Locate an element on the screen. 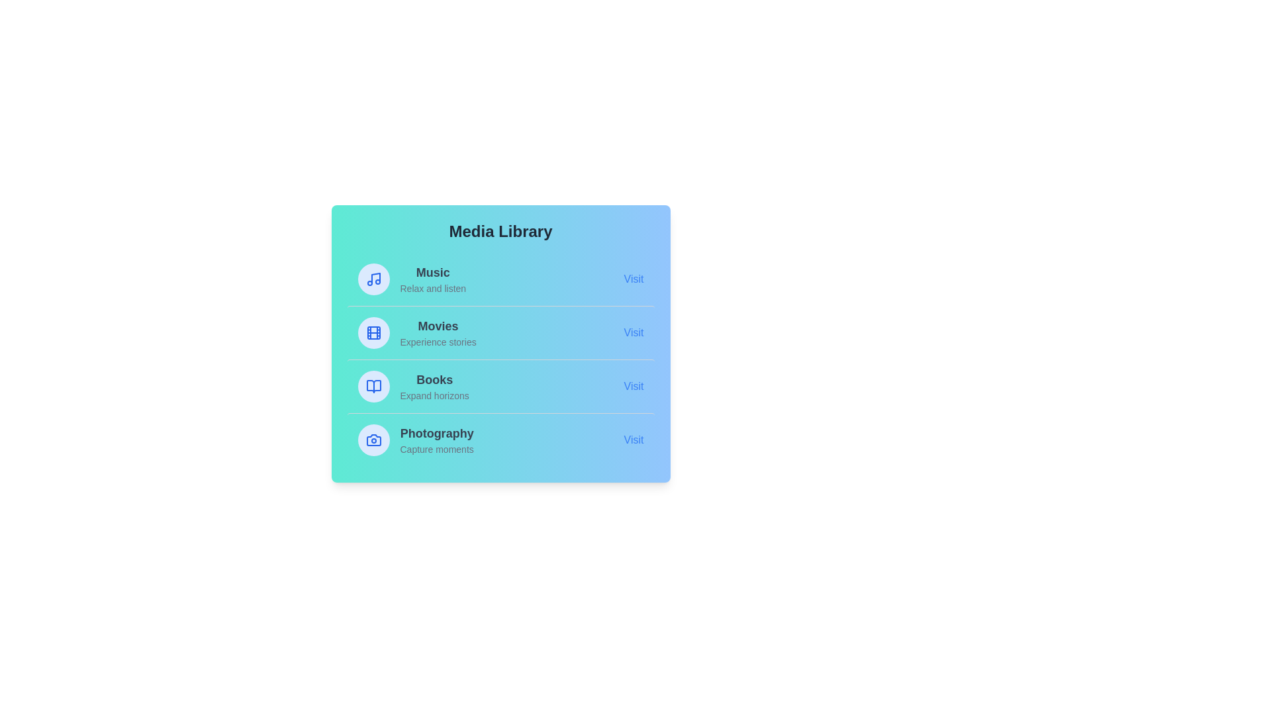 The height and width of the screenshot is (715, 1271). the media item Photography to observe the hover effect is located at coordinates (500, 440).